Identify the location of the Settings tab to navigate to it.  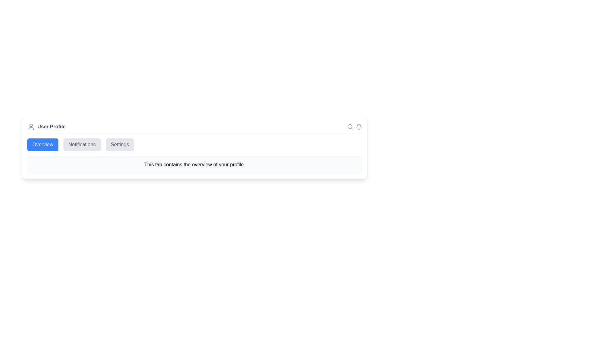
(119, 145).